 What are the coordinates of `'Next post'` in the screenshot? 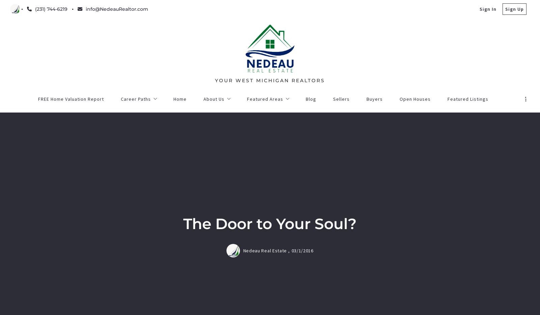 It's located at (300, 176).